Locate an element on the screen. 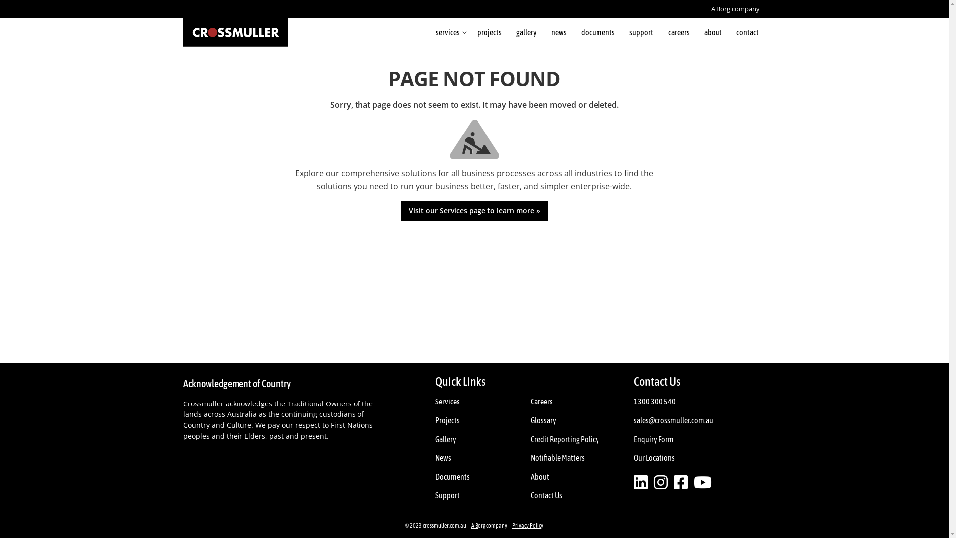 The height and width of the screenshot is (538, 956). 'documents' is located at coordinates (597, 32).